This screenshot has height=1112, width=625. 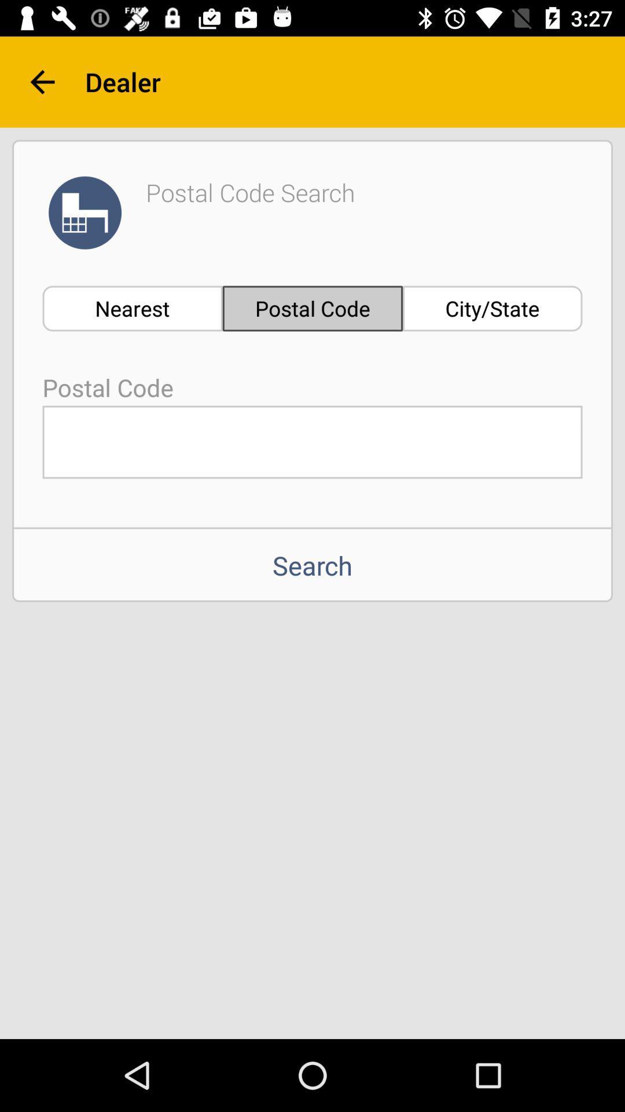 I want to click on icon next to the postal code, so click(x=492, y=308).